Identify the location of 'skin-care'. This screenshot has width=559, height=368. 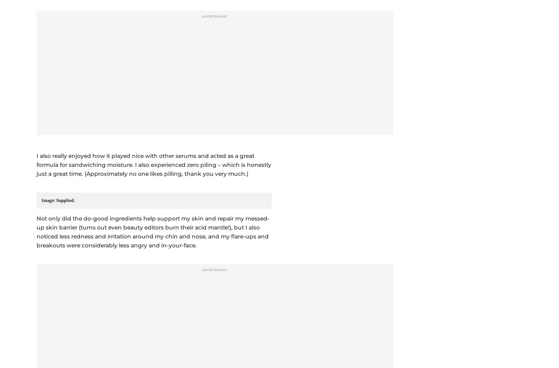
(81, 299).